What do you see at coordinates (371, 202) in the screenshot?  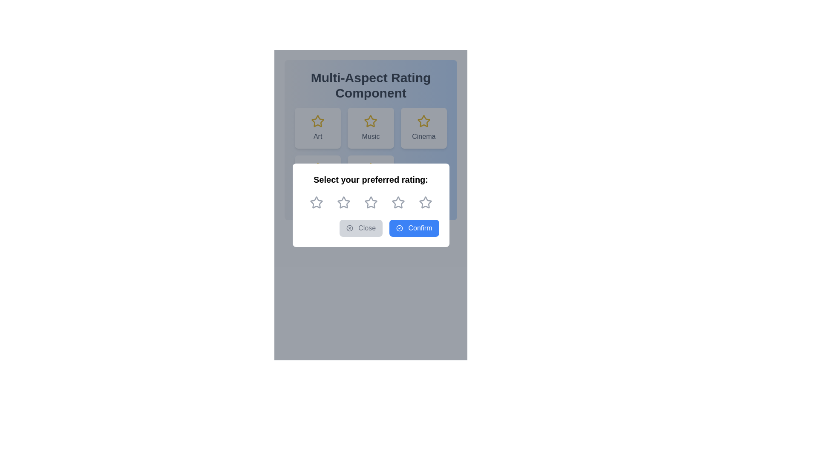 I see `the third star icon from the left in the horizontal row of five stars` at bounding box center [371, 202].